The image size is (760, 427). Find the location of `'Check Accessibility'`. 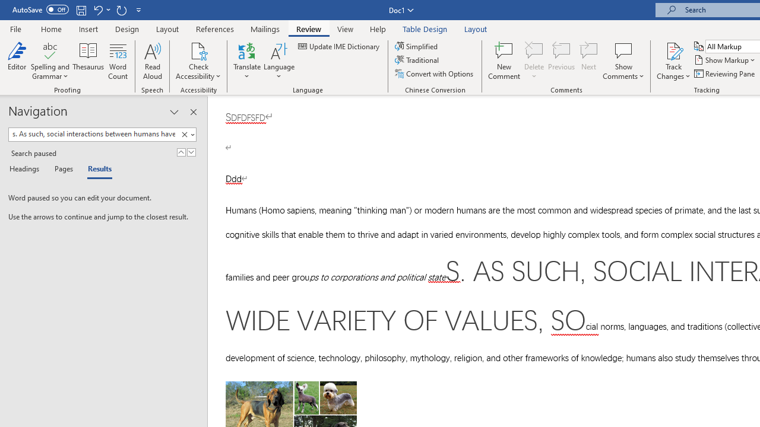

'Check Accessibility' is located at coordinates (198, 50).